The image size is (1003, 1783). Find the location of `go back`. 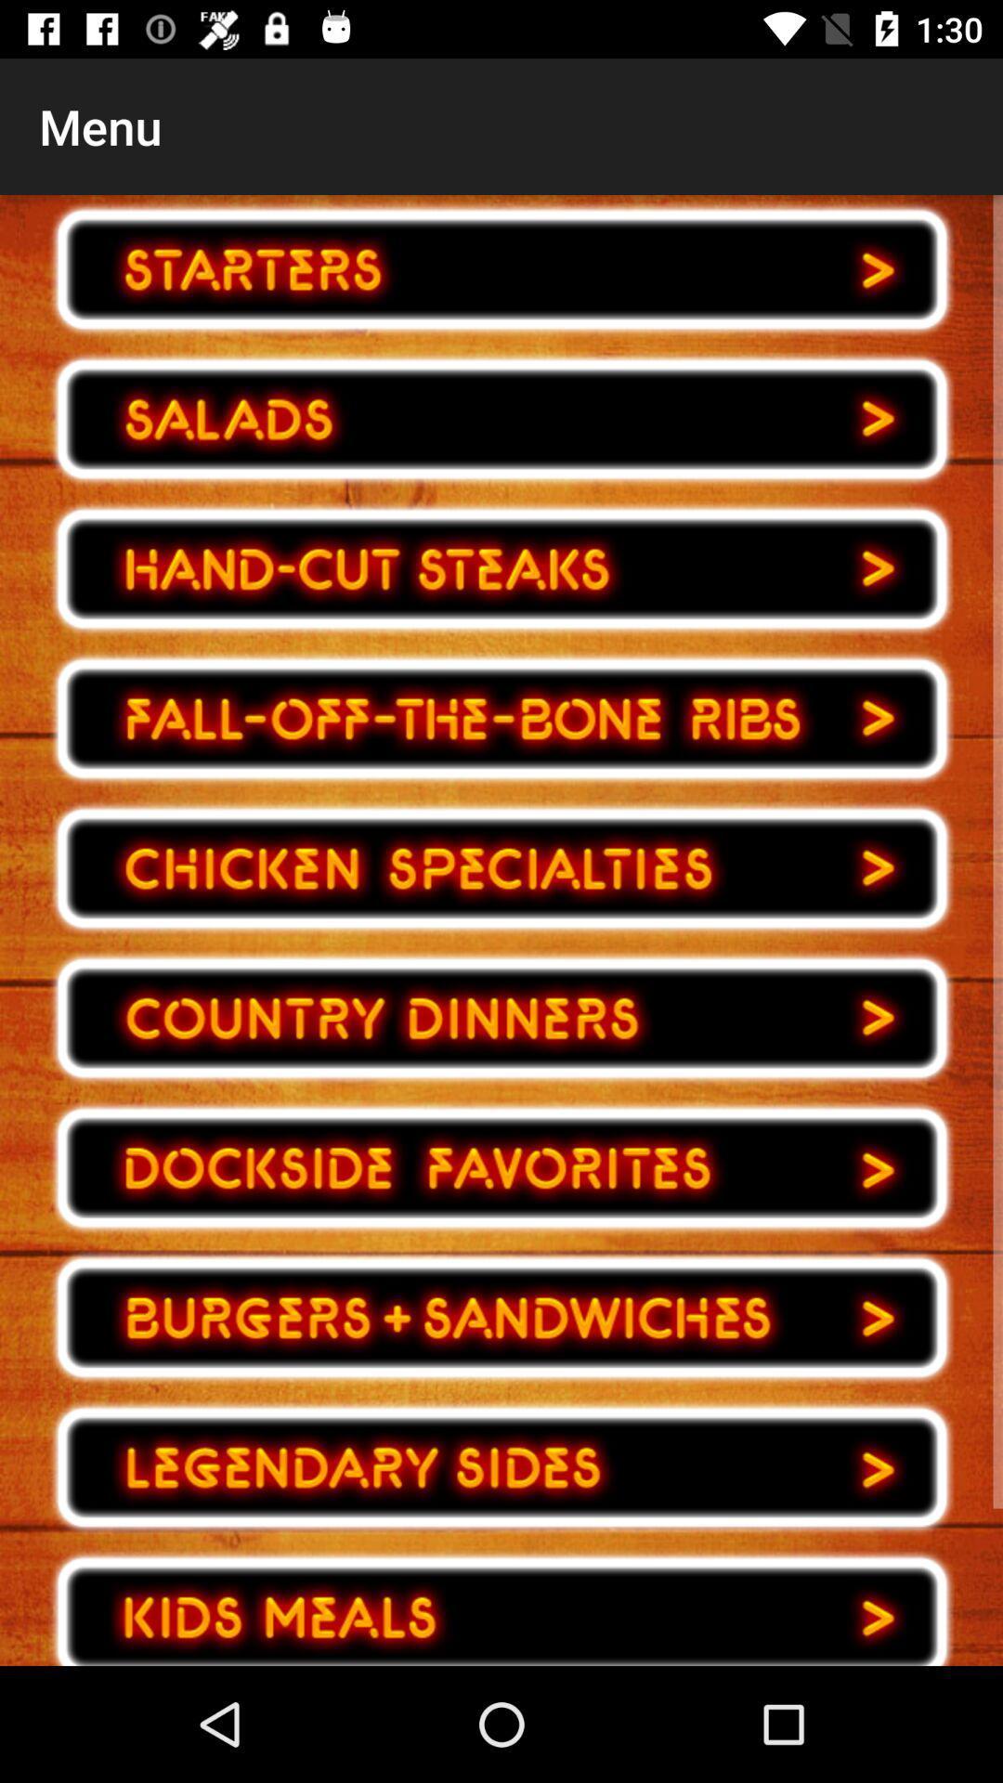

go back is located at coordinates (501, 1317).